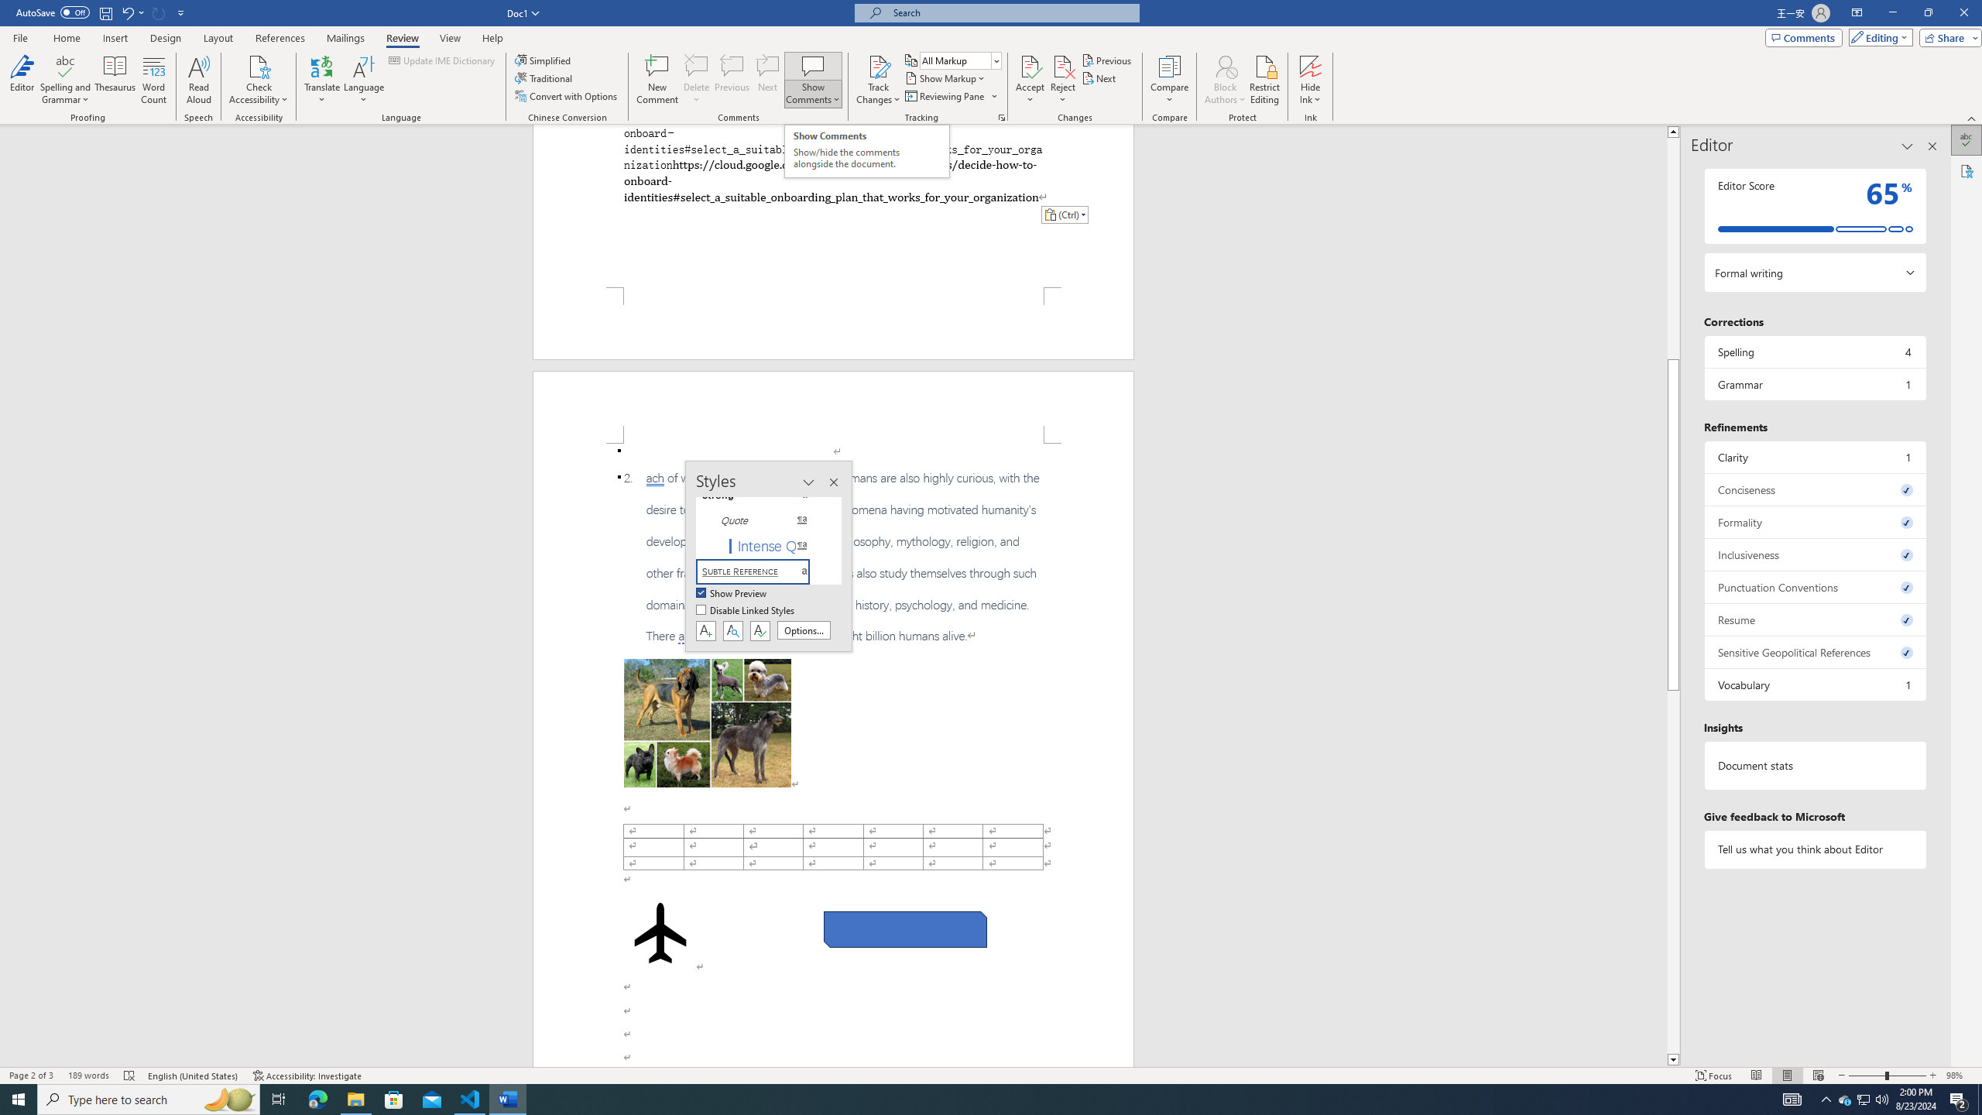 The image size is (1982, 1115). Describe the element at coordinates (945, 94) in the screenshot. I see `'Reviewing Pane'` at that location.